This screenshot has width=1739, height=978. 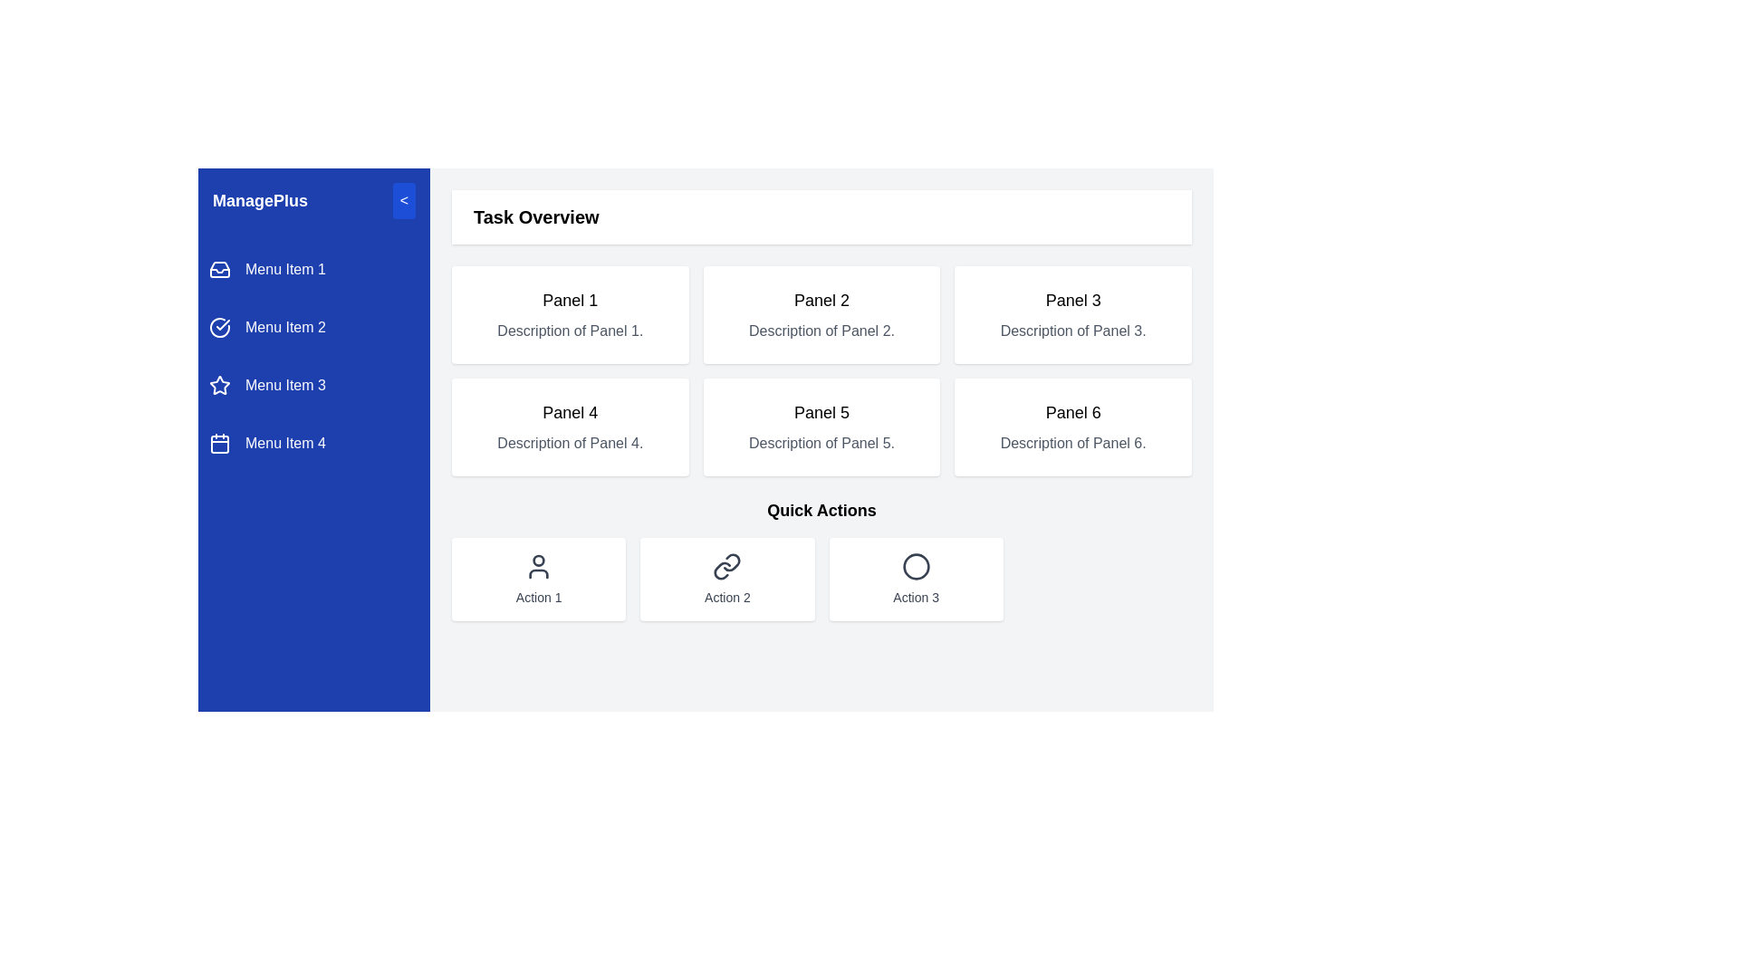 What do you see at coordinates (1073, 299) in the screenshot?
I see `the Text label that serves as the title for the associated panel in the third column of the top row under the 'Task Overview' section` at bounding box center [1073, 299].